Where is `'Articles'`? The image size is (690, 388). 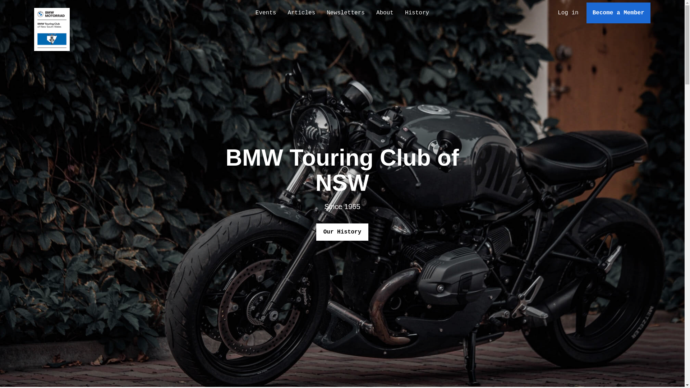
'Articles' is located at coordinates (301, 13).